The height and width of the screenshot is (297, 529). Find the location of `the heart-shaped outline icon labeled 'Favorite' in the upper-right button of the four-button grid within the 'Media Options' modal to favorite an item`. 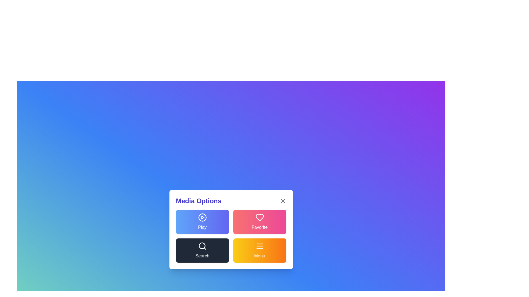

the heart-shaped outline icon labeled 'Favorite' in the upper-right button of the four-button grid within the 'Media Options' modal to favorite an item is located at coordinates (259, 217).